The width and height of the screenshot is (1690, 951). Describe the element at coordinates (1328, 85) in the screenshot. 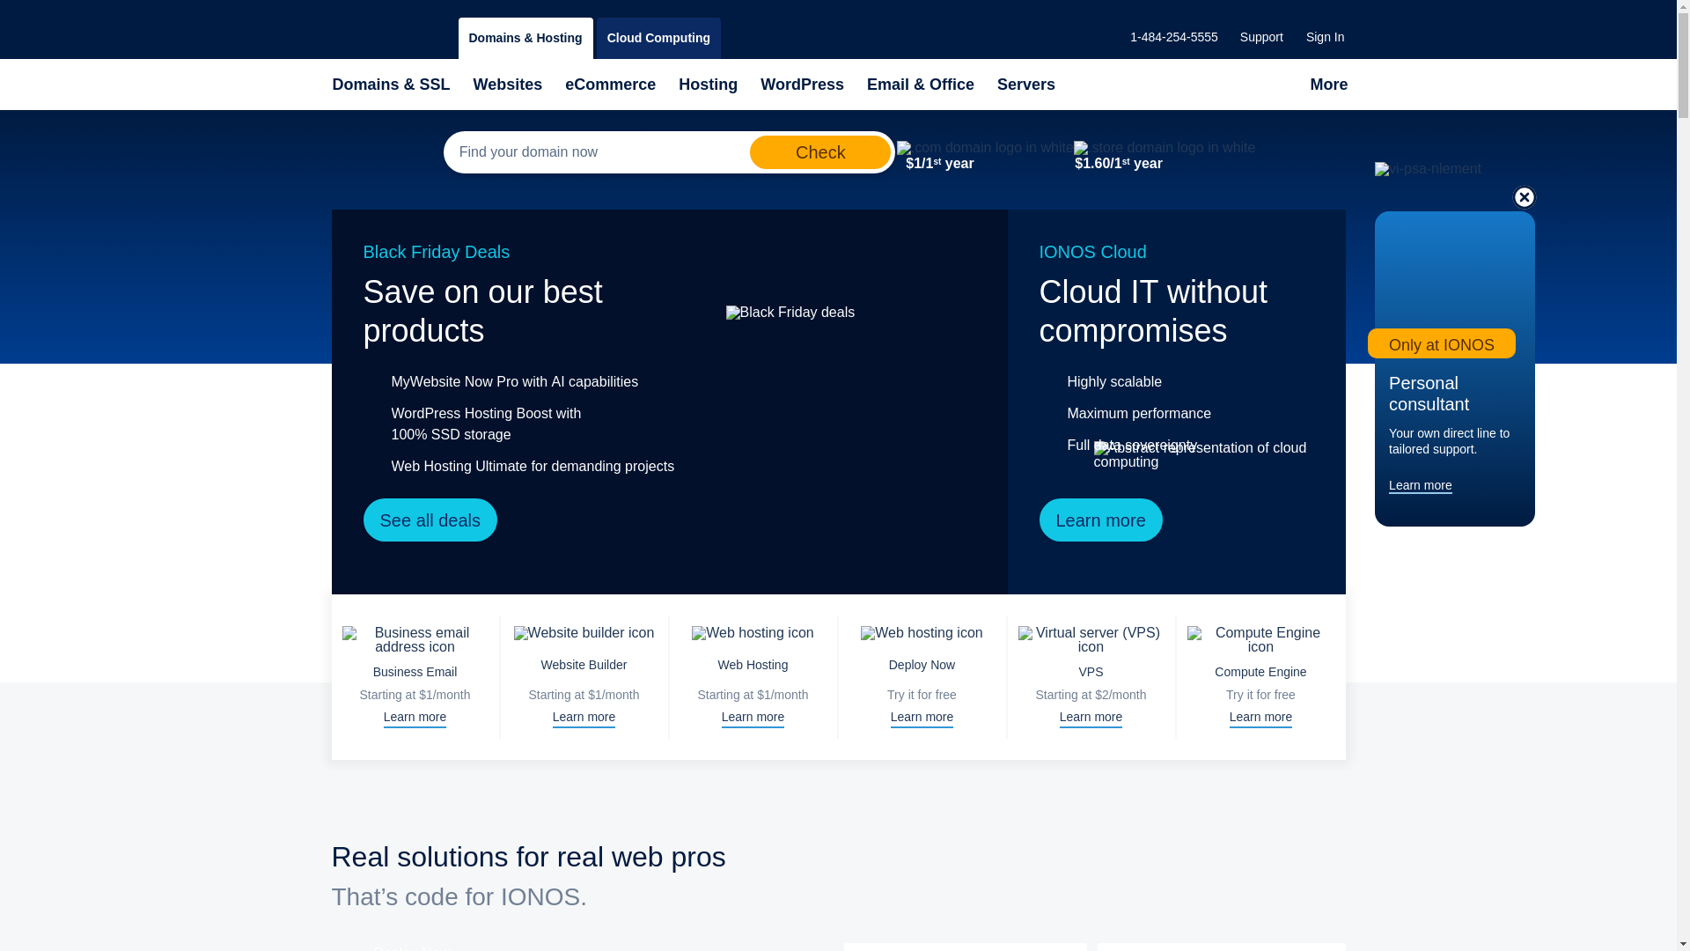

I see `'More'` at that location.